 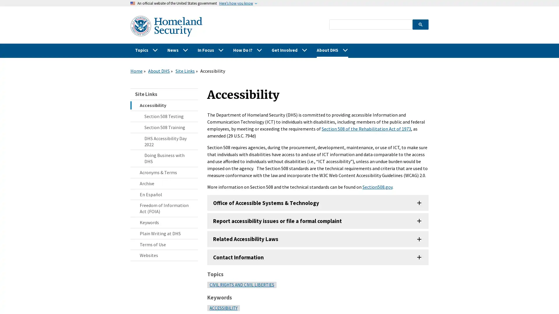 What do you see at coordinates (318, 203) in the screenshot?
I see `Office of Accessible Systems & Technology` at bounding box center [318, 203].